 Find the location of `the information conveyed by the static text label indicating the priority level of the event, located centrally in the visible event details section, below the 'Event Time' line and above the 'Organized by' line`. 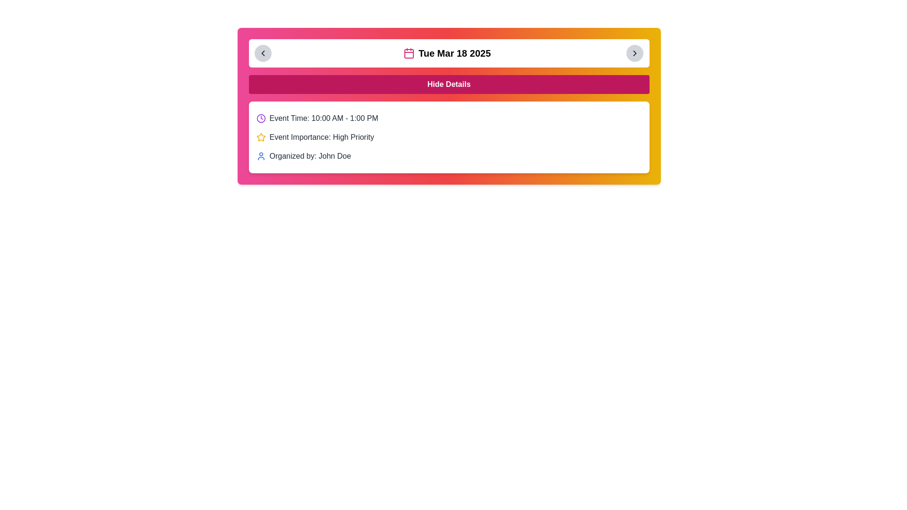

the information conveyed by the static text label indicating the priority level of the event, located centrally in the visible event details section, below the 'Event Time' line and above the 'Organized by' line is located at coordinates (322, 137).